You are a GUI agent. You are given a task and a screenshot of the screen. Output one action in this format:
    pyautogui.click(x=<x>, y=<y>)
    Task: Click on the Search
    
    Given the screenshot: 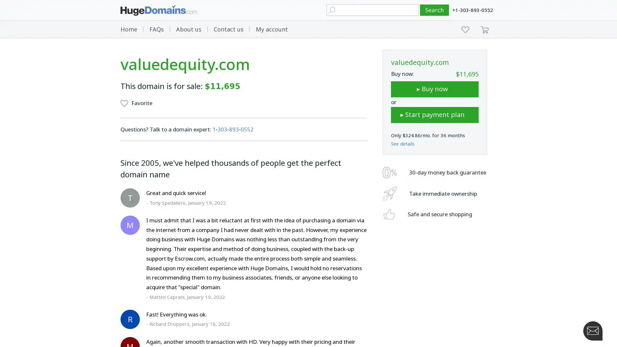 What is the action you would take?
    pyautogui.click(x=434, y=10)
    